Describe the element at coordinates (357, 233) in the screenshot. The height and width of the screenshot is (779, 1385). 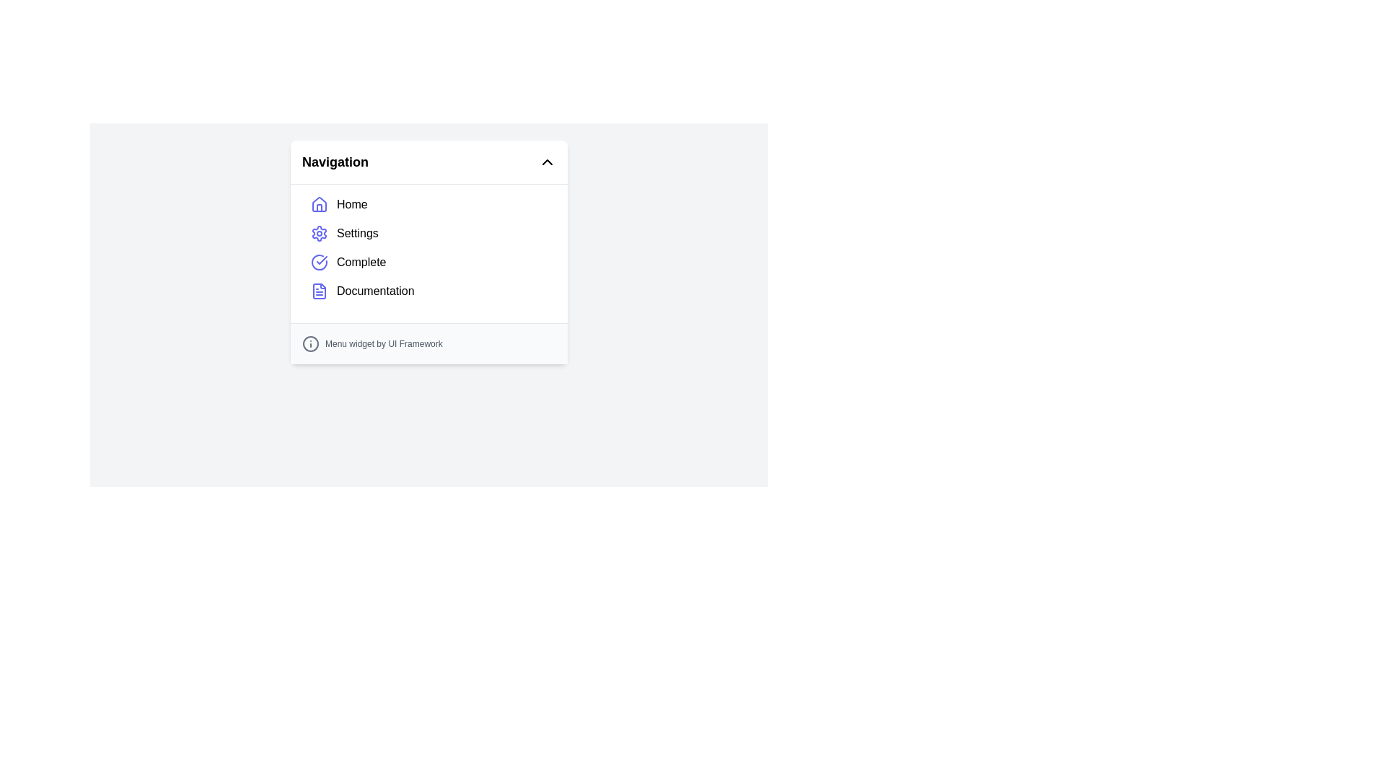
I see `the 'Settings' text label in the navigation menu` at that location.